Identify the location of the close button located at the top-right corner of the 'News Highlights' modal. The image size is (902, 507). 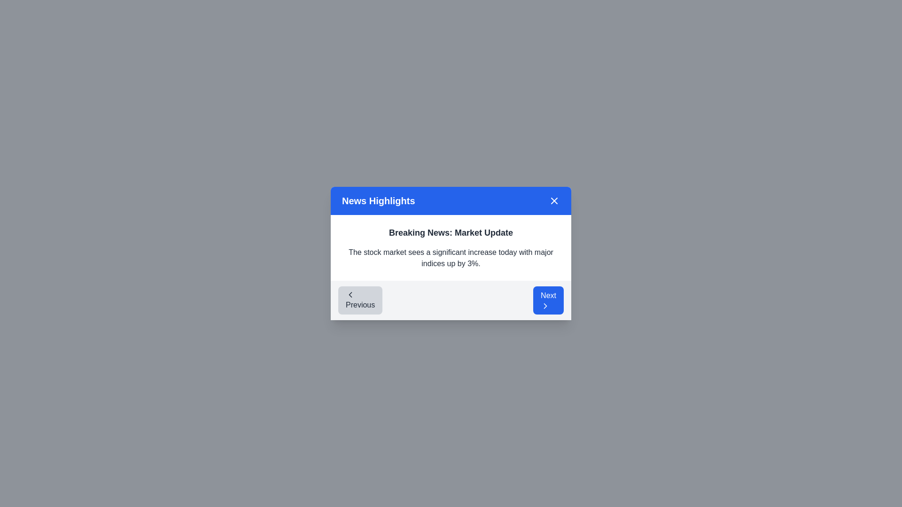
(554, 200).